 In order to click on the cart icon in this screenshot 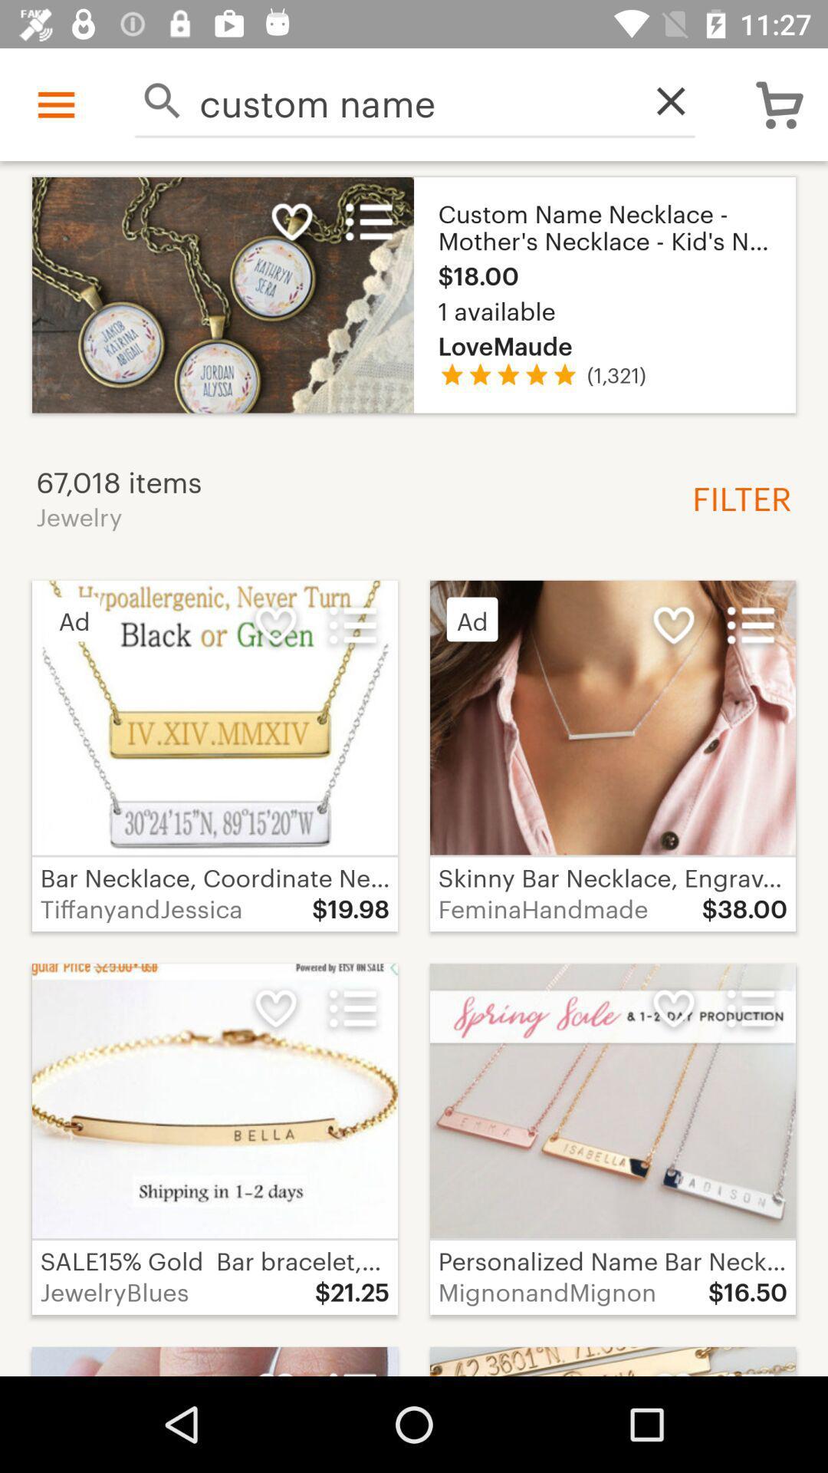, I will do `click(780, 104)`.